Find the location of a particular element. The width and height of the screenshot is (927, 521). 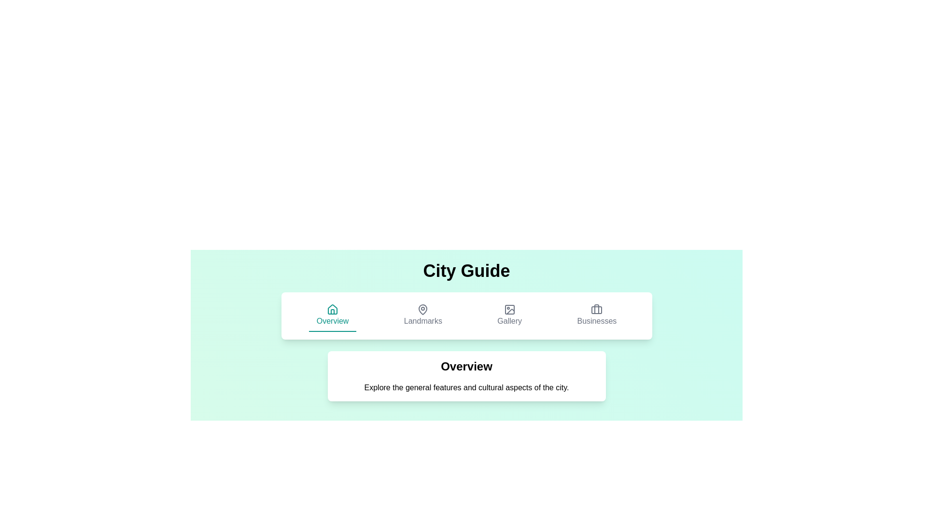

the navigation button labeled 'Businesses' located at the far right of the horizontal bar is located at coordinates (596, 316).